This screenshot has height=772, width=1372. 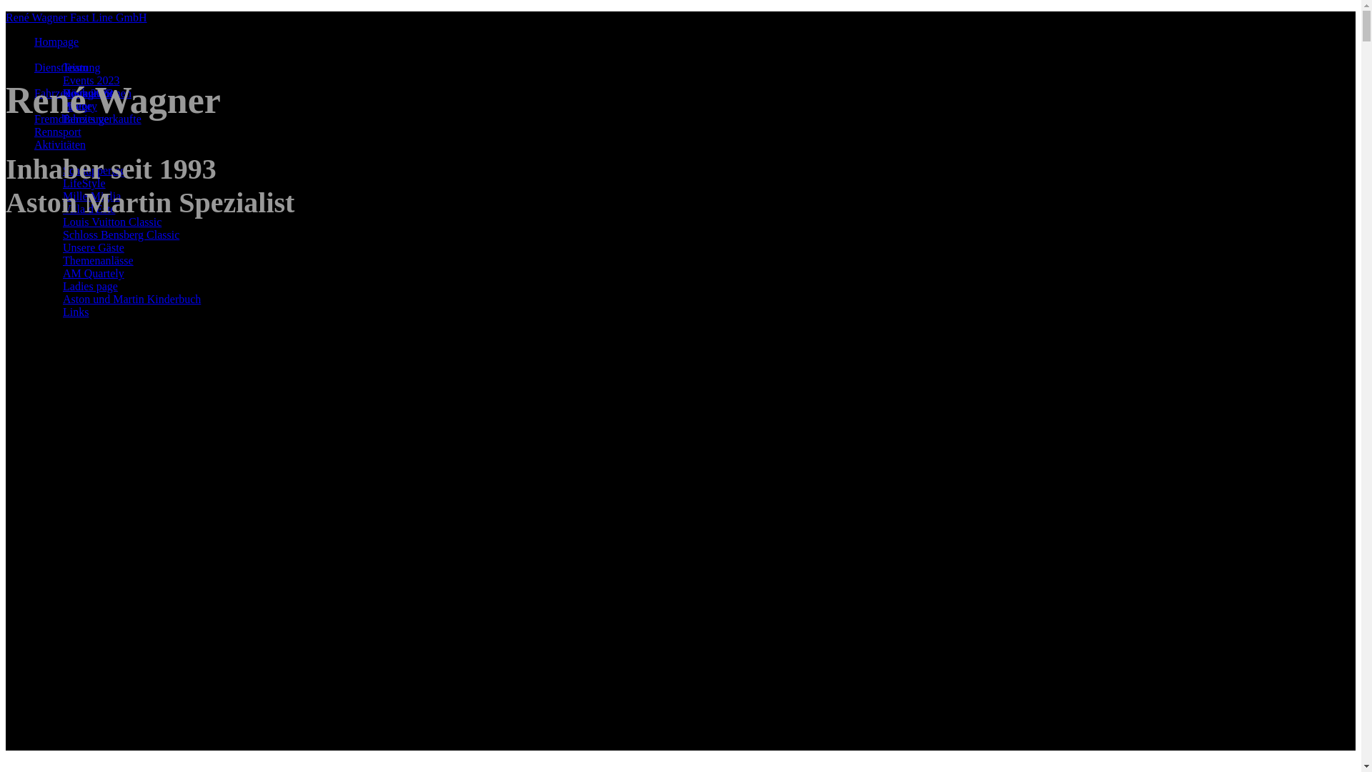 I want to click on 'Bereits verkaufte', so click(x=61, y=118).